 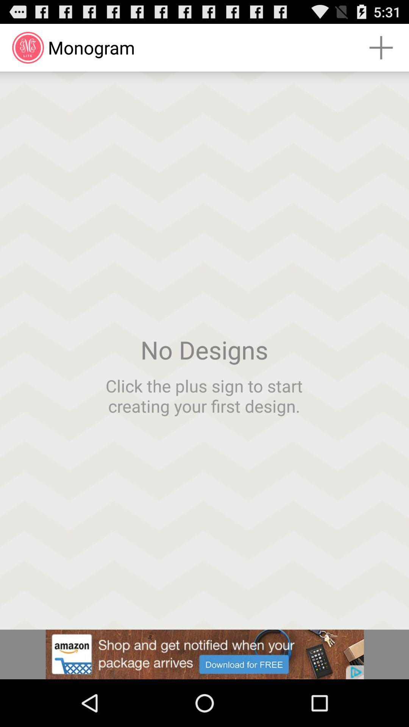 I want to click on advertisement space, so click(x=204, y=654).